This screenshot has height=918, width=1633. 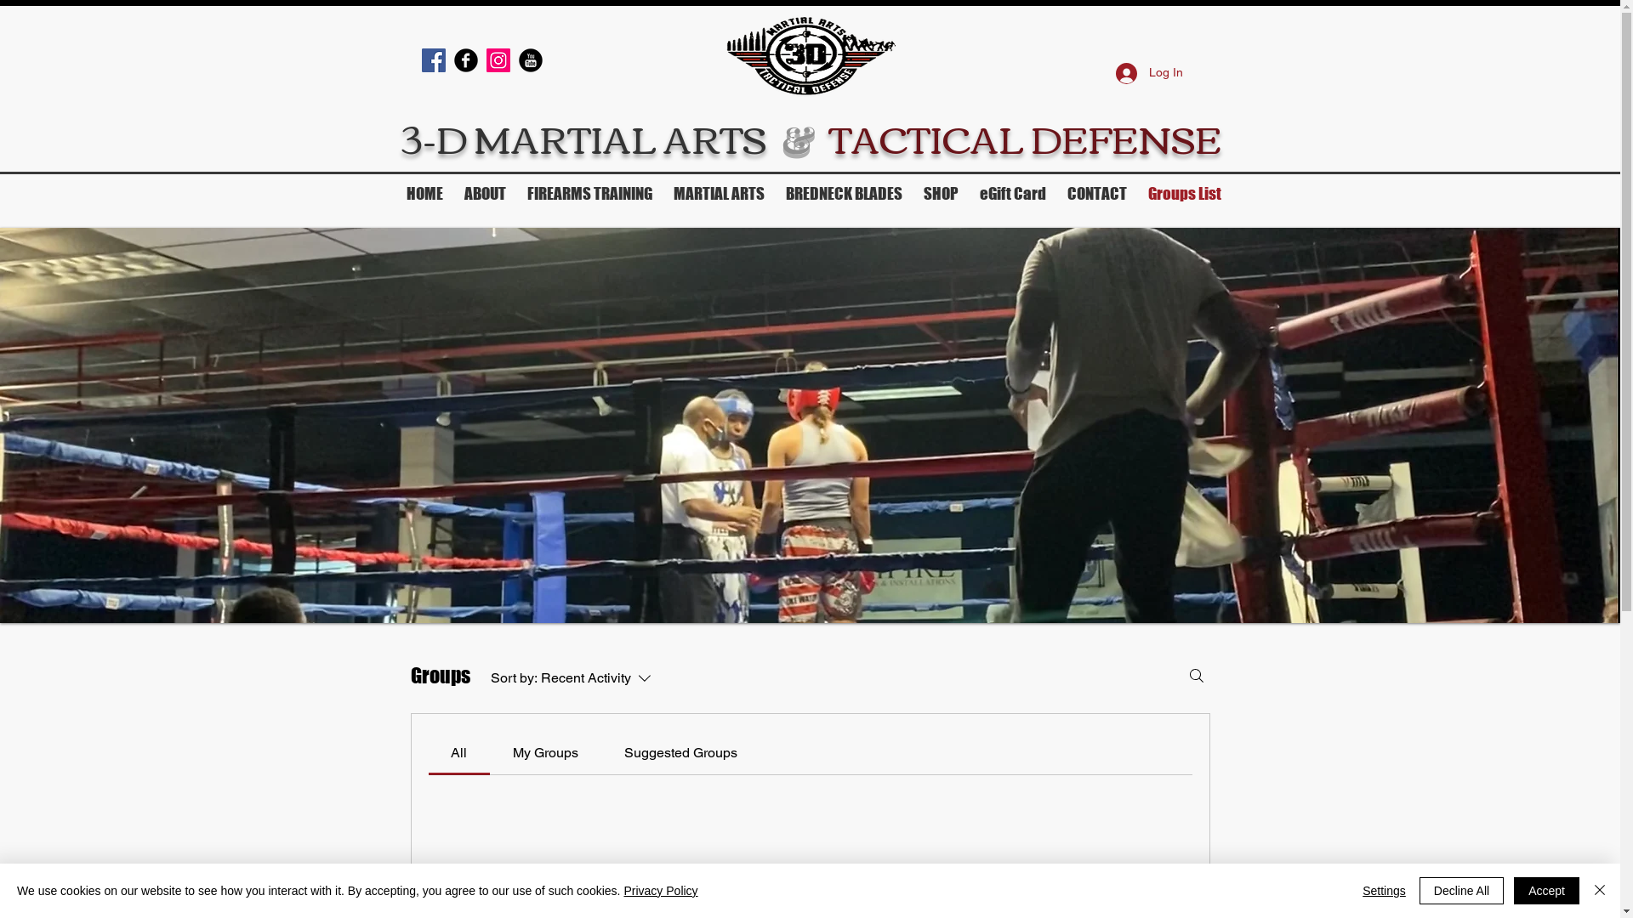 I want to click on 'SHOP', so click(x=941, y=192).